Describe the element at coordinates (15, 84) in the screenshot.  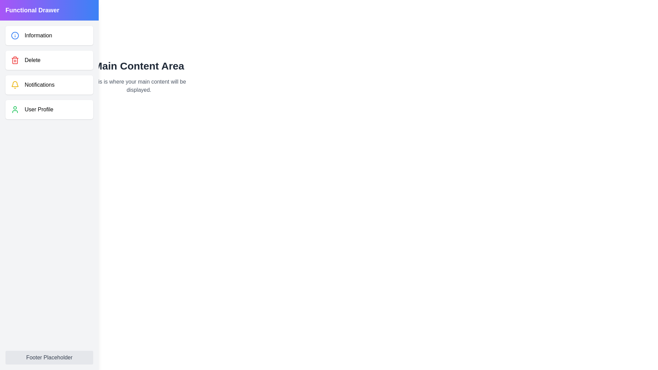
I see `the notification icon located to the left within the 'Notifications' menu card, which is the third option in the vertical list of cards` at that location.